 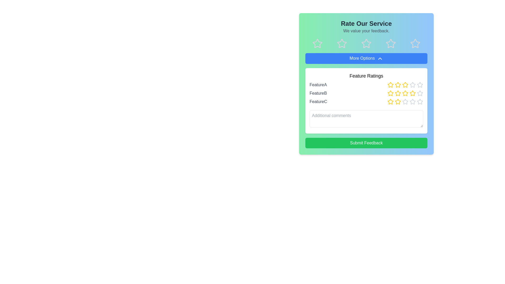 What do you see at coordinates (391, 43) in the screenshot?
I see `the fourth star-shaped outline icon with a blue fill, located in a row of five icons at the top of the interface, which is associated with a rating system` at bounding box center [391, 43].